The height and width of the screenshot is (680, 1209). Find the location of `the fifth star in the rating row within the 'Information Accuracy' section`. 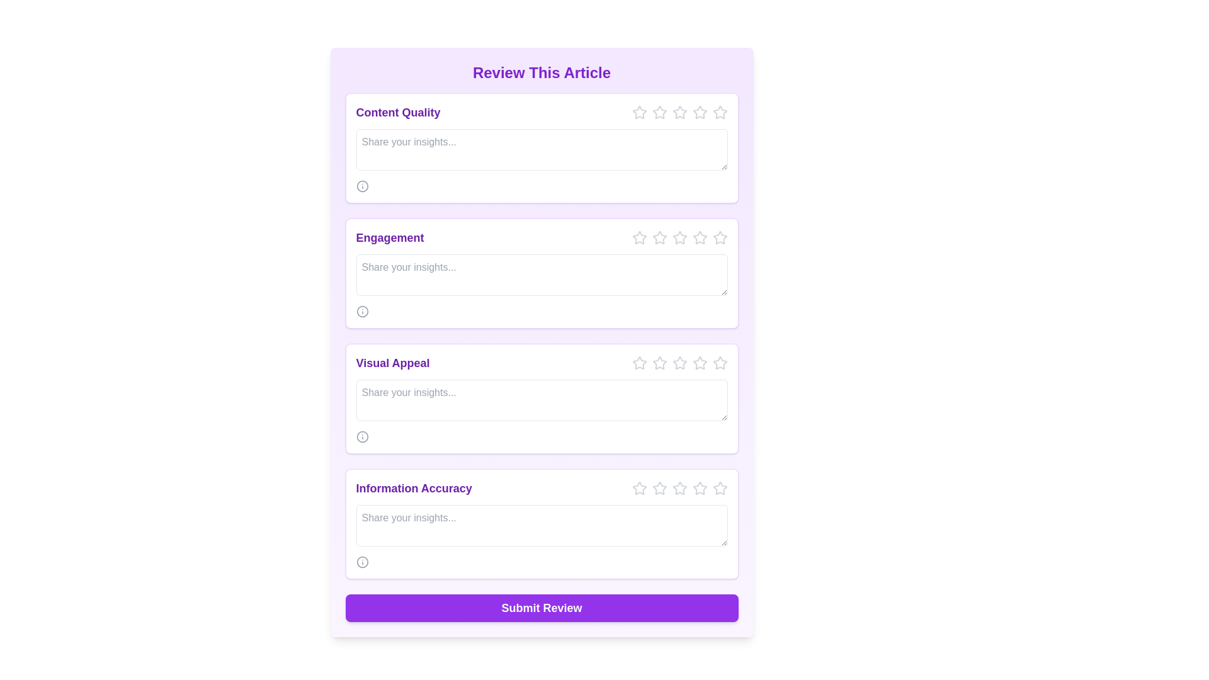

the fifth star in the rating row within the 'Information Accuracy' section is located at coordinates (698, 487).